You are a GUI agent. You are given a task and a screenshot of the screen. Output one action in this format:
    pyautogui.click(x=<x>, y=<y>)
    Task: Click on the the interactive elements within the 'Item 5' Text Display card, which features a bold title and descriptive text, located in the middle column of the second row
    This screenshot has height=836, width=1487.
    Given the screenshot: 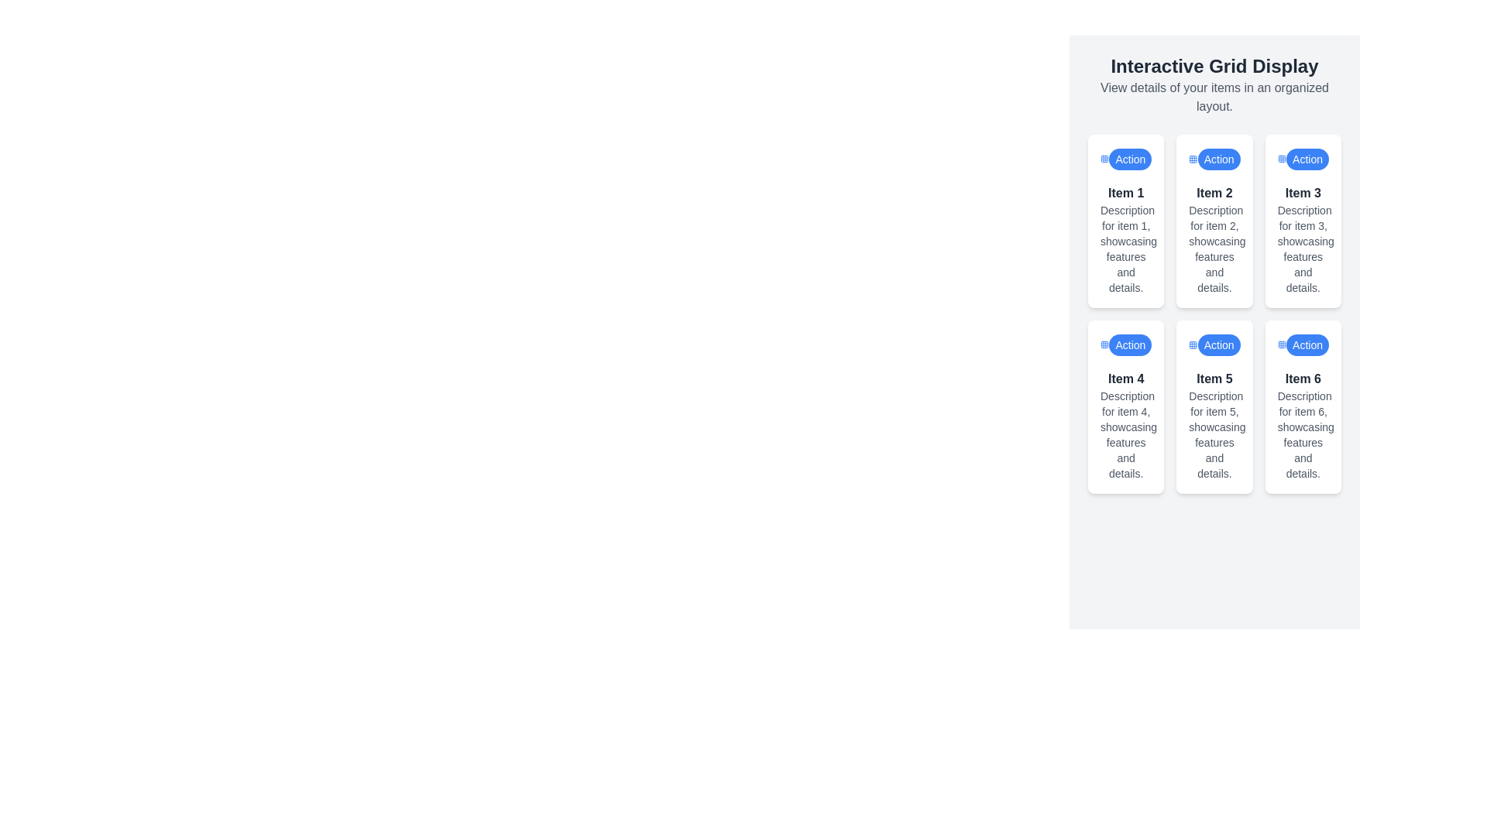 What is the action you would take?
    pyautogui.click(x=1214, y=426)
    